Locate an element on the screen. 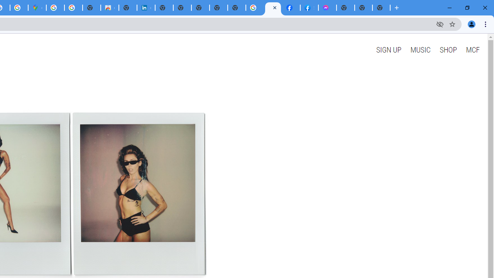 The height and width of the screenshot is (278, 494). 'MUSIC' is located at coordinates (420, 49).